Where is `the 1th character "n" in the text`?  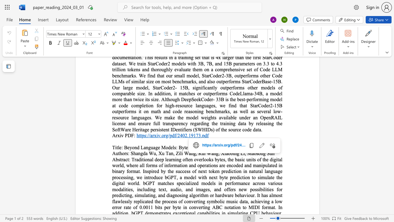 the 1th character "n" in the text is located at coordinates (139, 153).